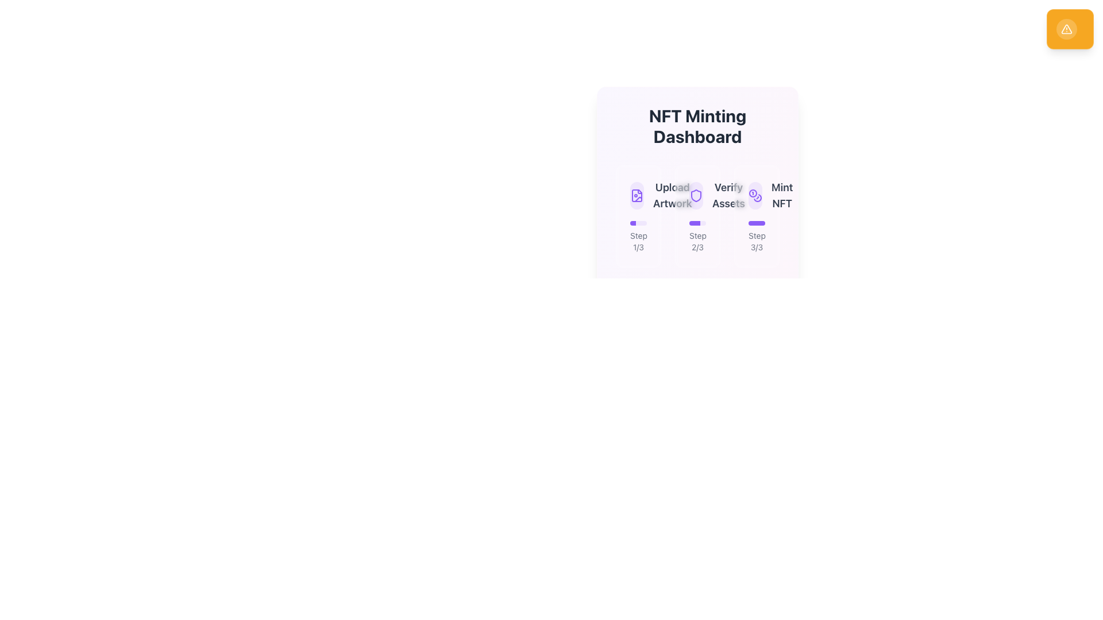 The height and width of the screenshot is (620, 1103). I want to click on 'Mint NFT' label text, which is the final step in the navigation process located at the far right under the 'Step 3/3' label, so click(781, 195).